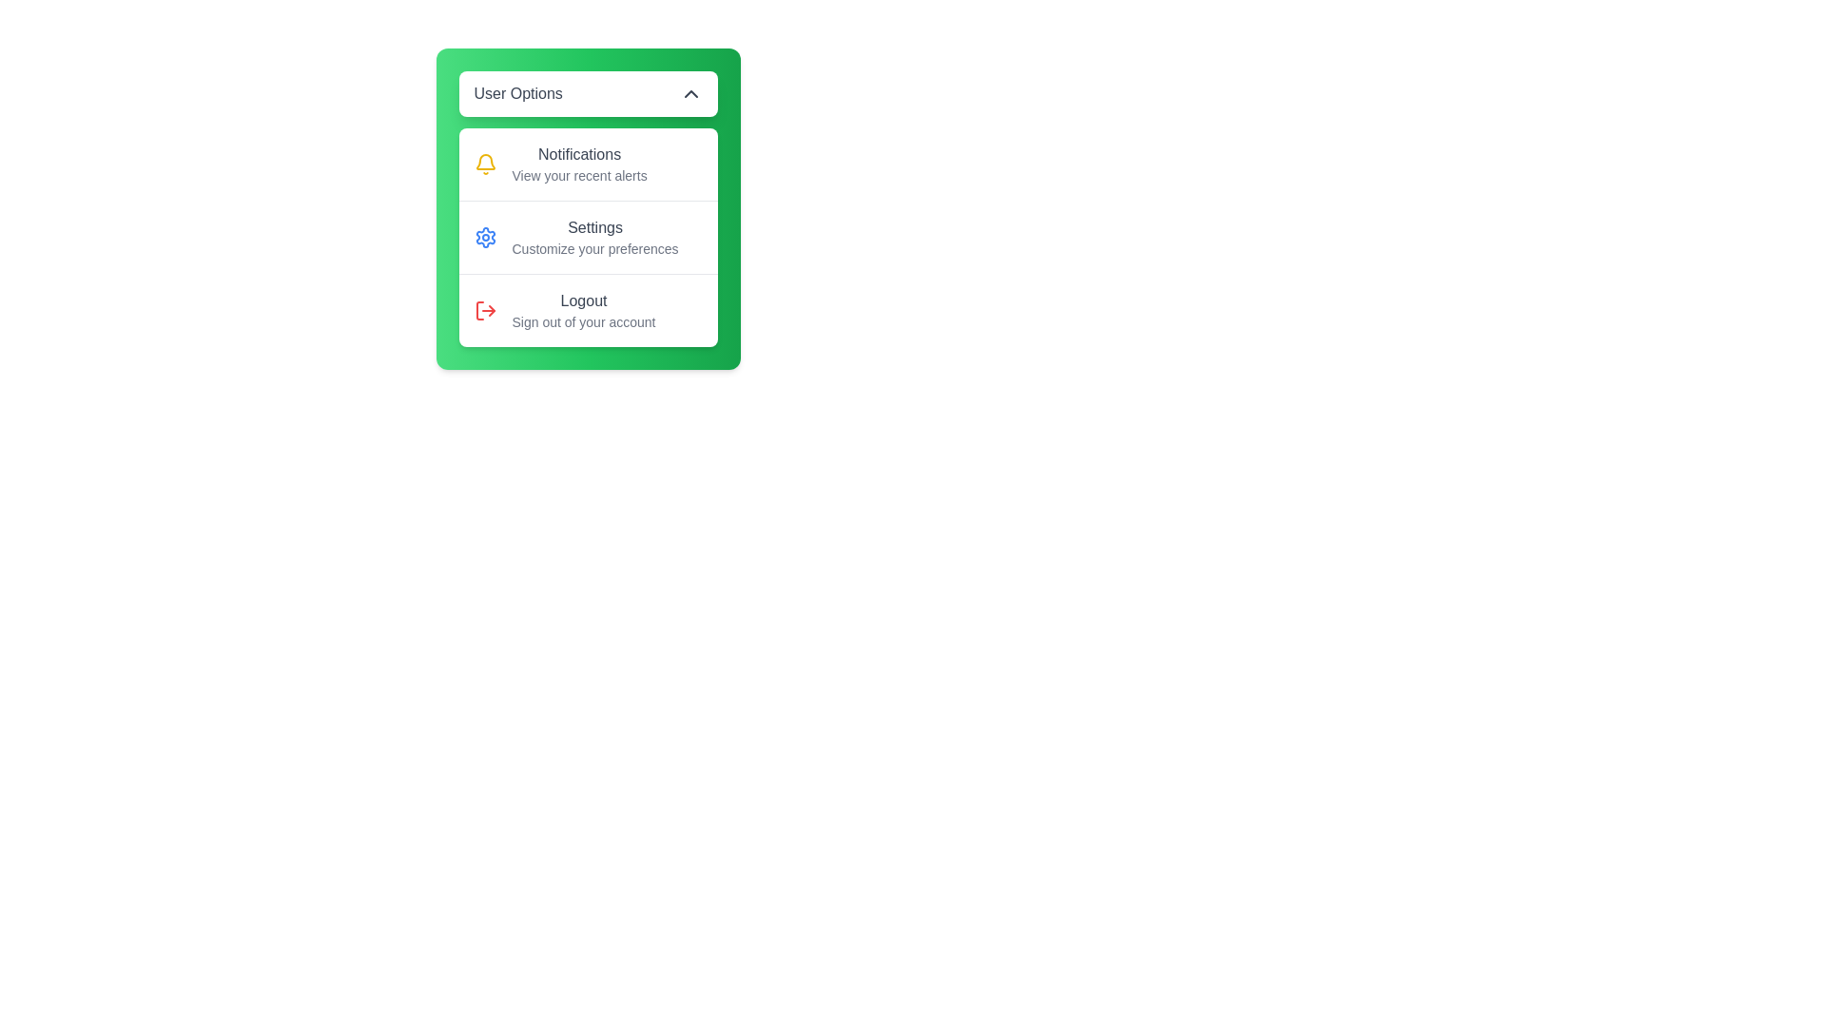 The width and height of the screenshot is (1826, 1027). What do you see at coordinates (594, 248) in the screenshot?
I see `static text displaying 'Customize your preferences' located beneath the 'Settings' heading in the 'User Options' panel` at bounding box center [594, 248].